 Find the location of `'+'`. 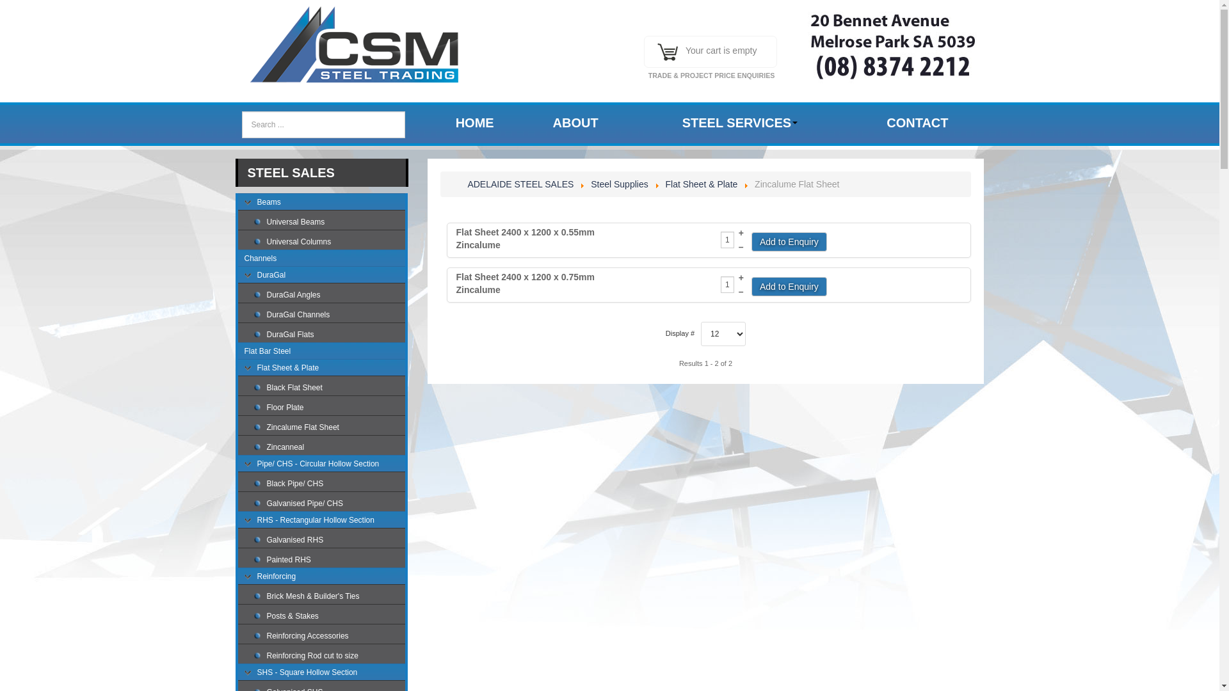

'+' is located at coordinates (741, 277).